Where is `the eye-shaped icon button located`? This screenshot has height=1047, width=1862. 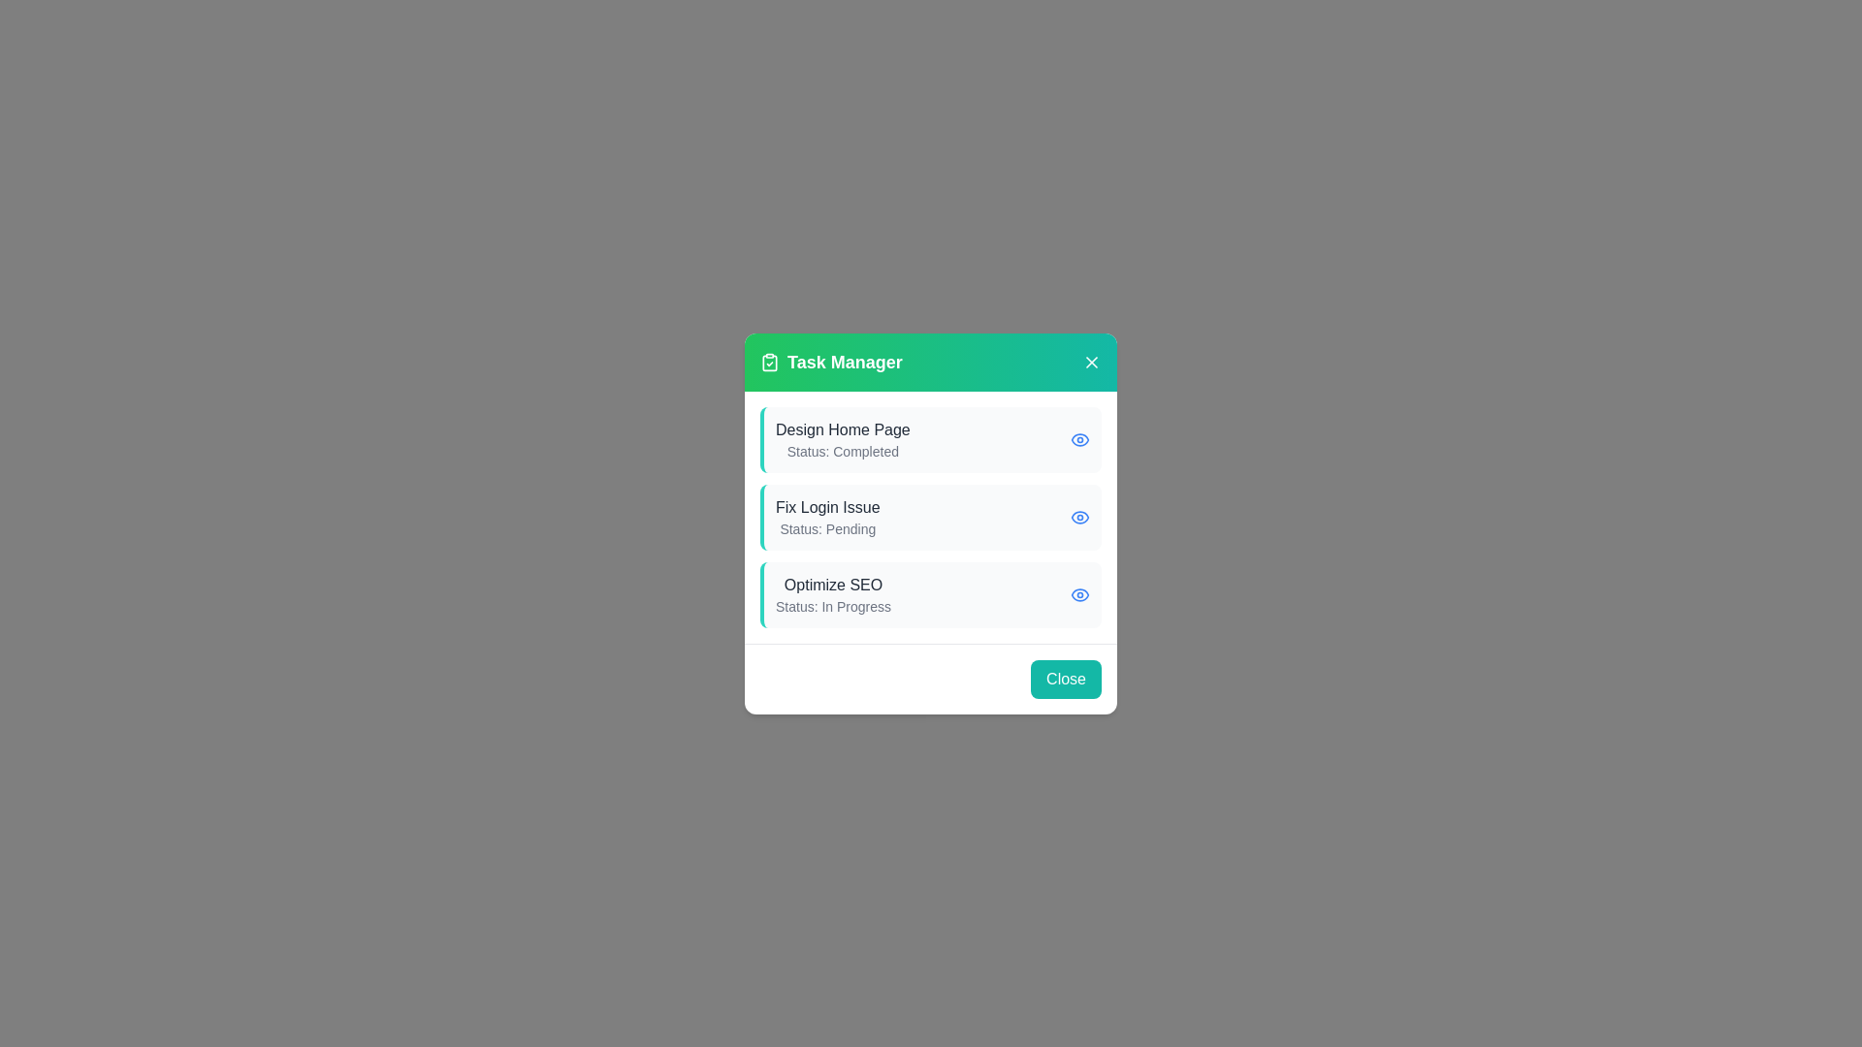 the eye-shaped icon button located is located at coordinates (1078, 516).